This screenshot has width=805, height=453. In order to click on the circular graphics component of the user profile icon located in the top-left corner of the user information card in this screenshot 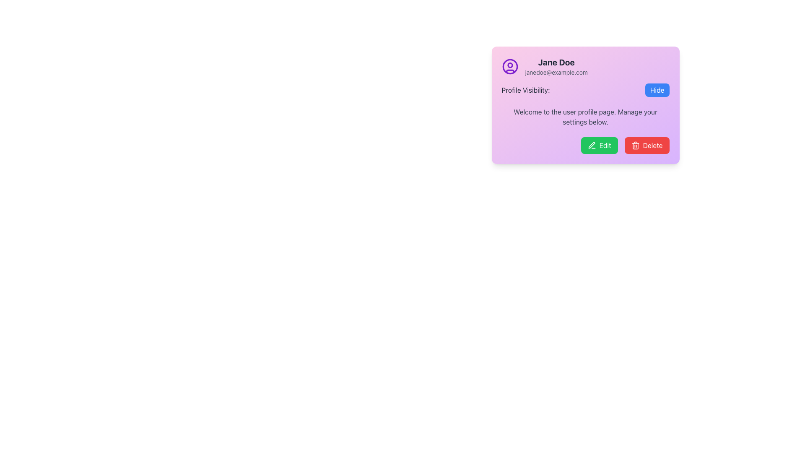, I will do `click(509, 66)`.